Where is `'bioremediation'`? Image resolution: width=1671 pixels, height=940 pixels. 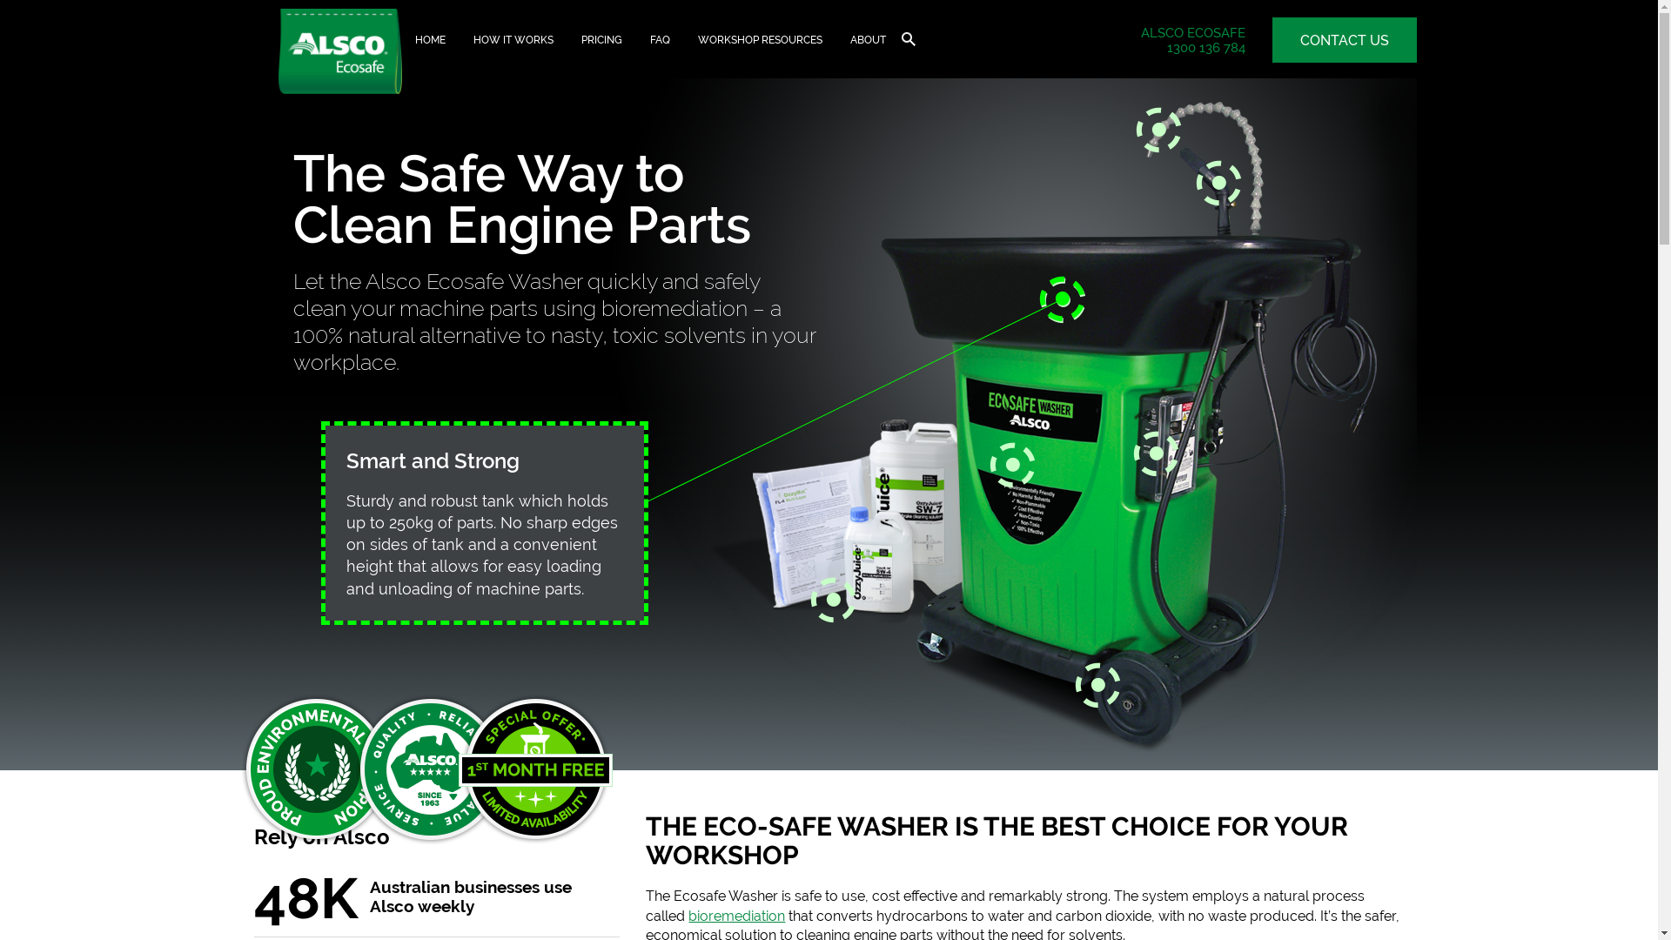
'bioremediation' is located at coordinates (736, 915).